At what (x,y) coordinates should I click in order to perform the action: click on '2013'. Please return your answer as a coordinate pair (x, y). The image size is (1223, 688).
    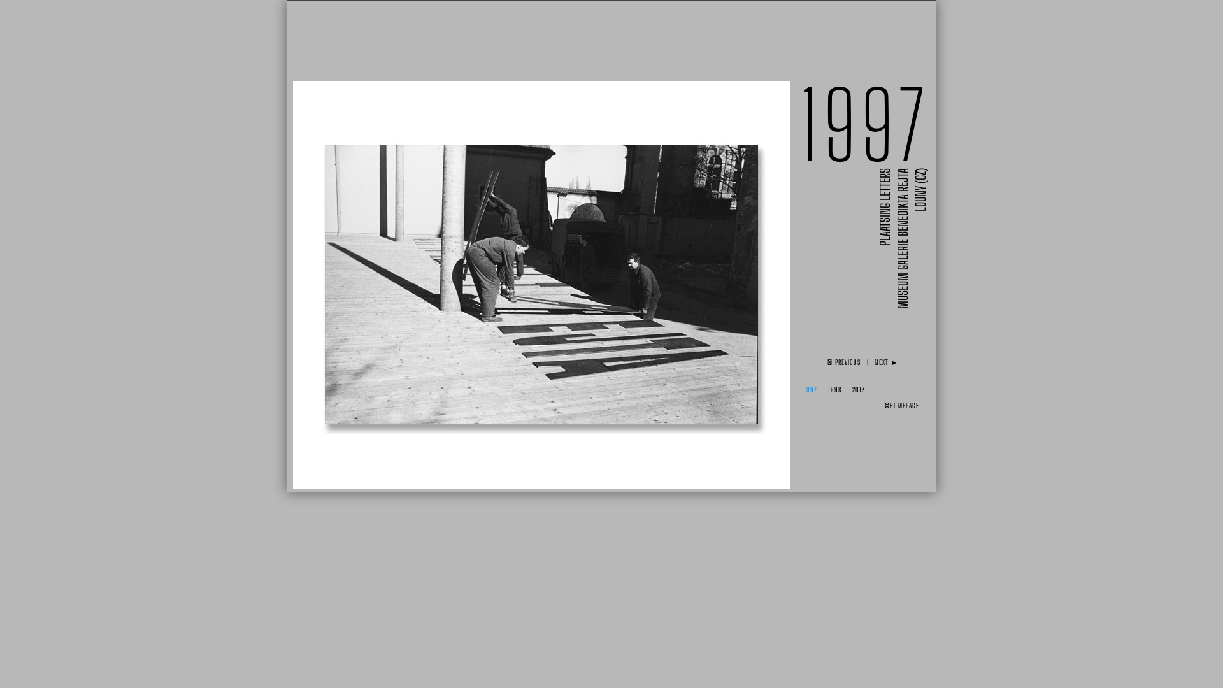
    Looking at the image, I should click on (859, 389).